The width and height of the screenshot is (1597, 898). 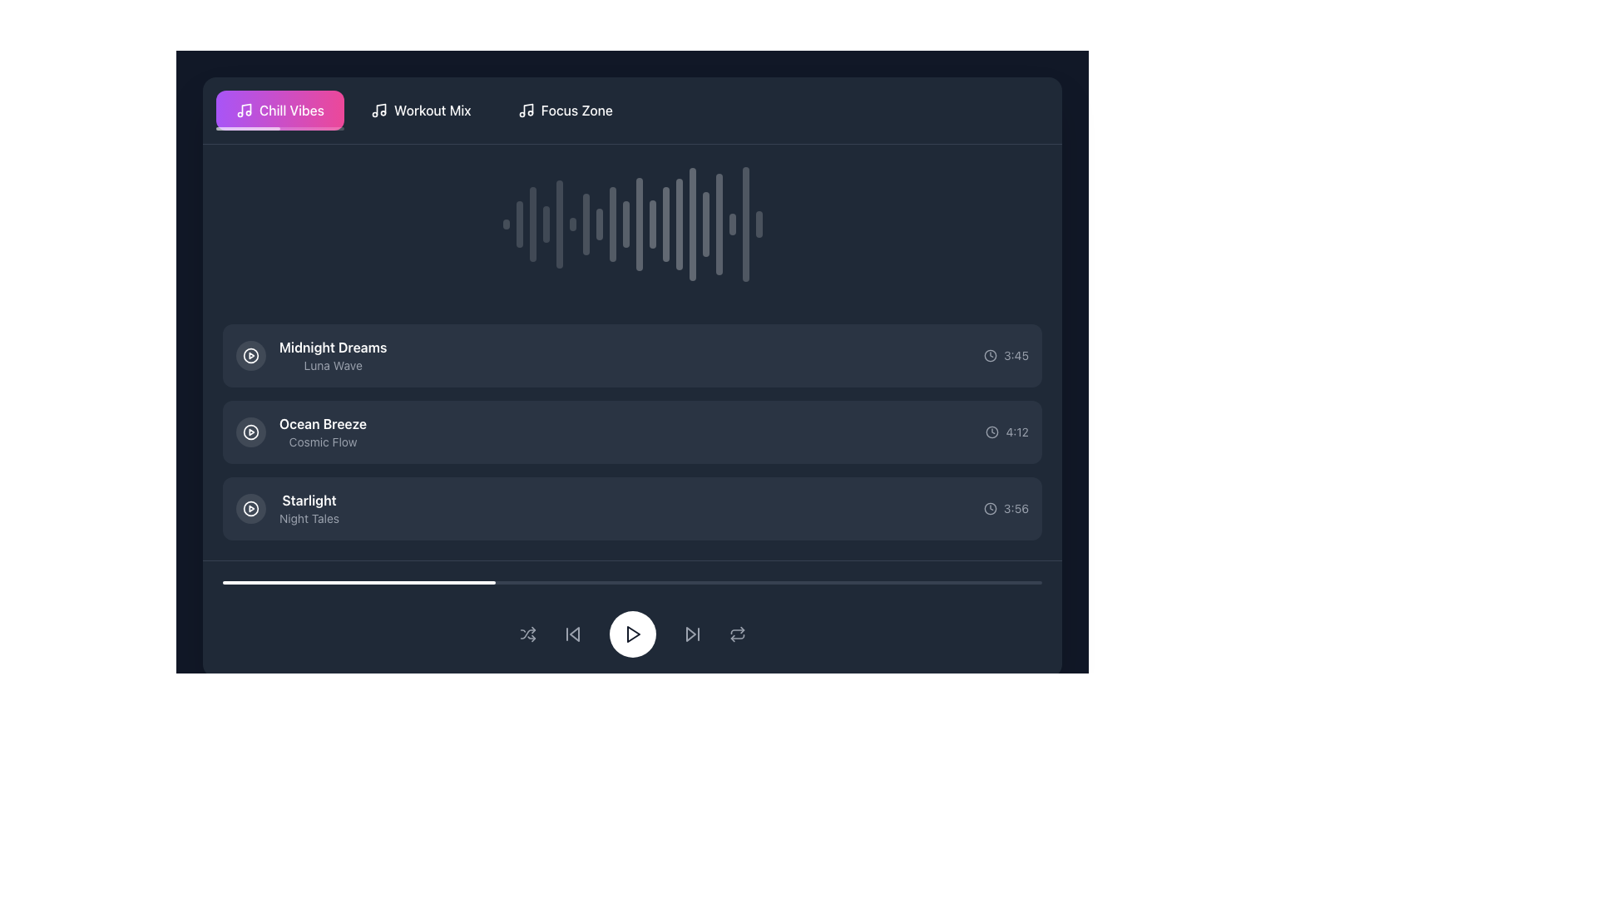 I want to click on the clock icon and text label element displaying '3:56', located at the end of the third list item in the displayed list, so click(x=1005, y=508).